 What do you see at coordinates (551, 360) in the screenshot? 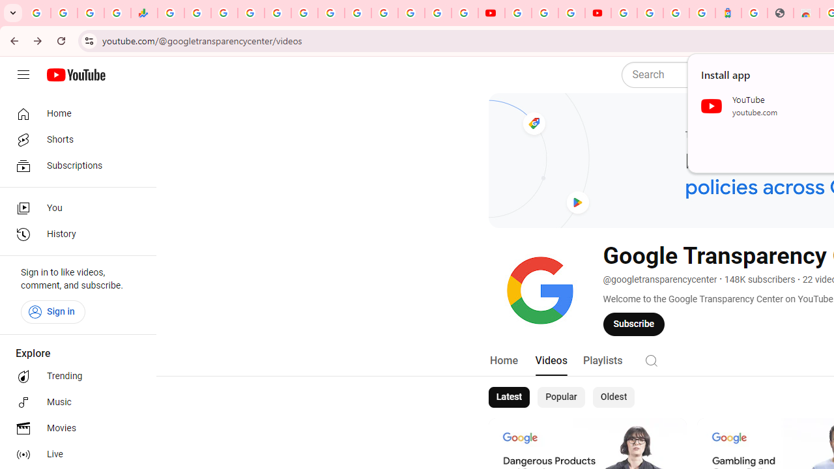
I see `'Videos'` at bounding box center [551, 360].